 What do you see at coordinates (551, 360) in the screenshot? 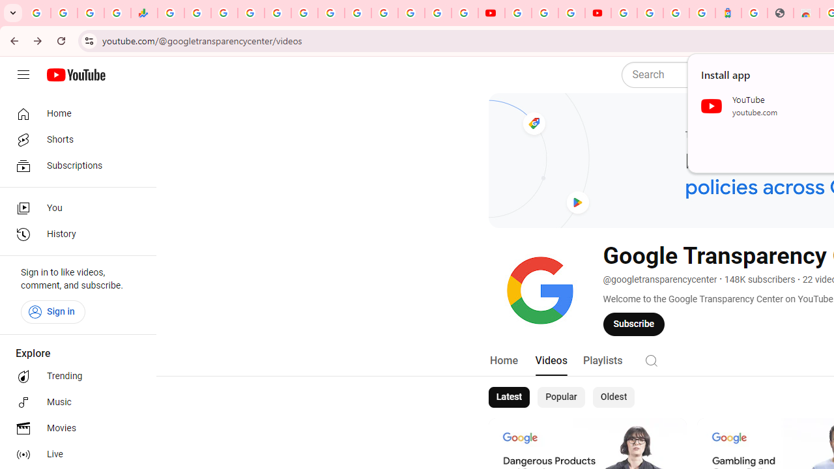
I see `'Videos'` at bounding box center [551, 360].